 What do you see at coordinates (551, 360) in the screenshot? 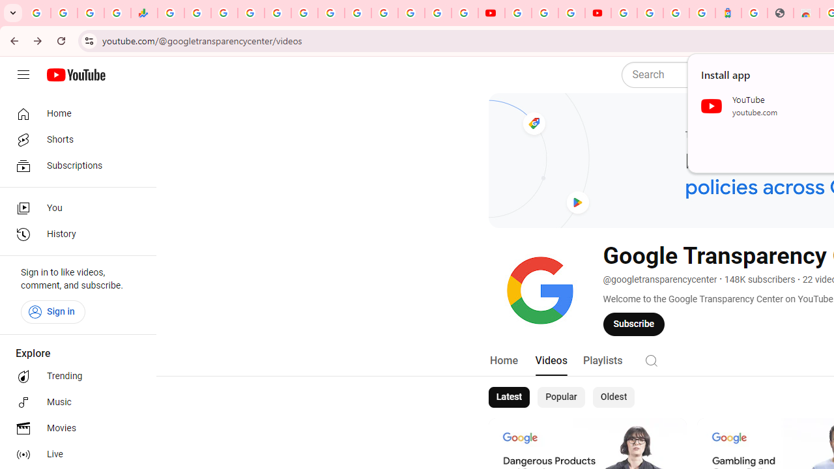
I see `'Videos'` at bounding box center [551, 360].